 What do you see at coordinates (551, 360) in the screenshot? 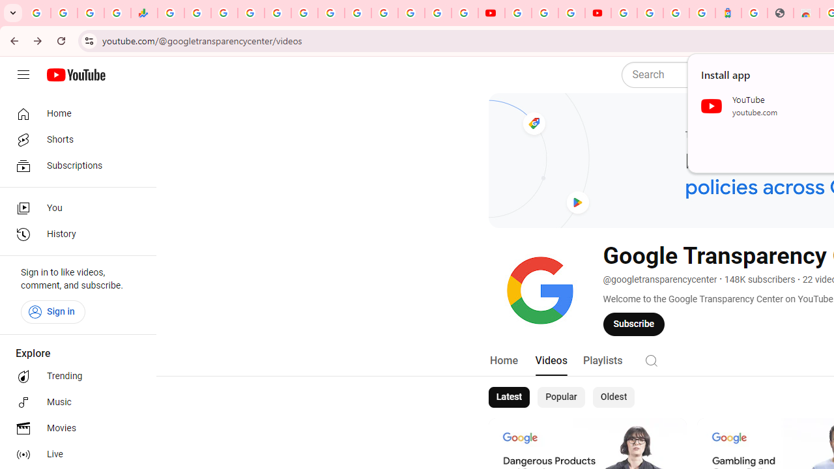
I see `'Videos'` at bounding box center [551, 360].